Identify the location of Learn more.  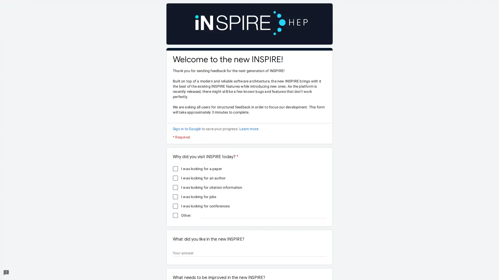
(248, 129).